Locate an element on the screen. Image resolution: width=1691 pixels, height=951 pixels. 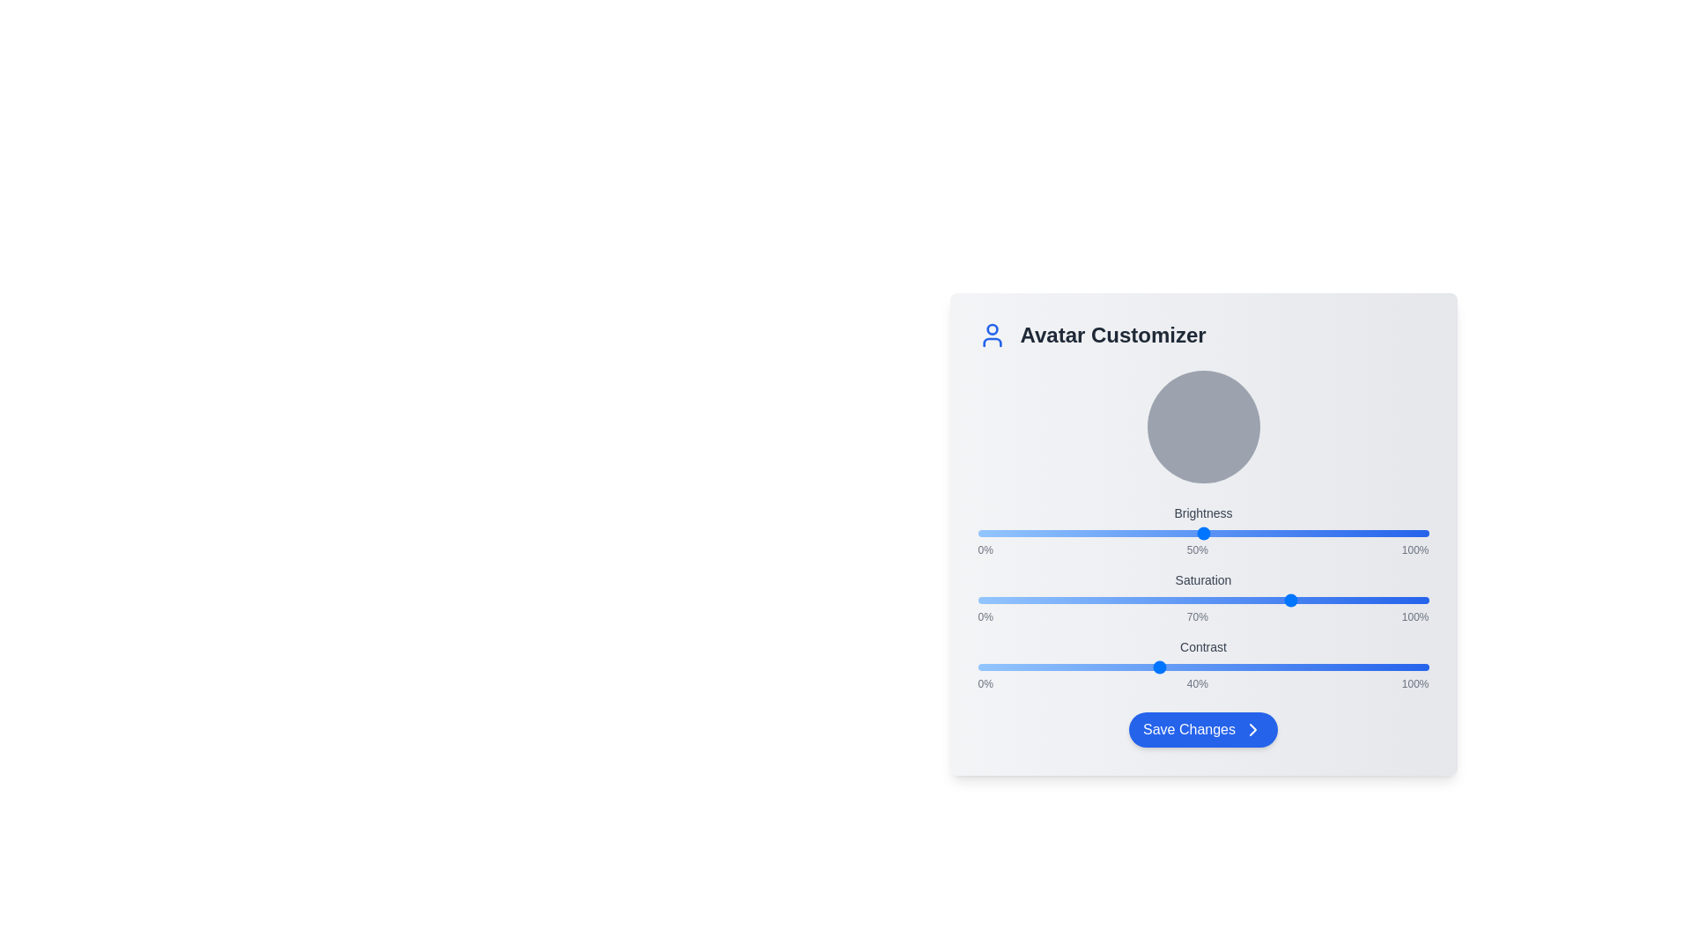
the contrast slider to 67% is located at coordinates (1280, 667).